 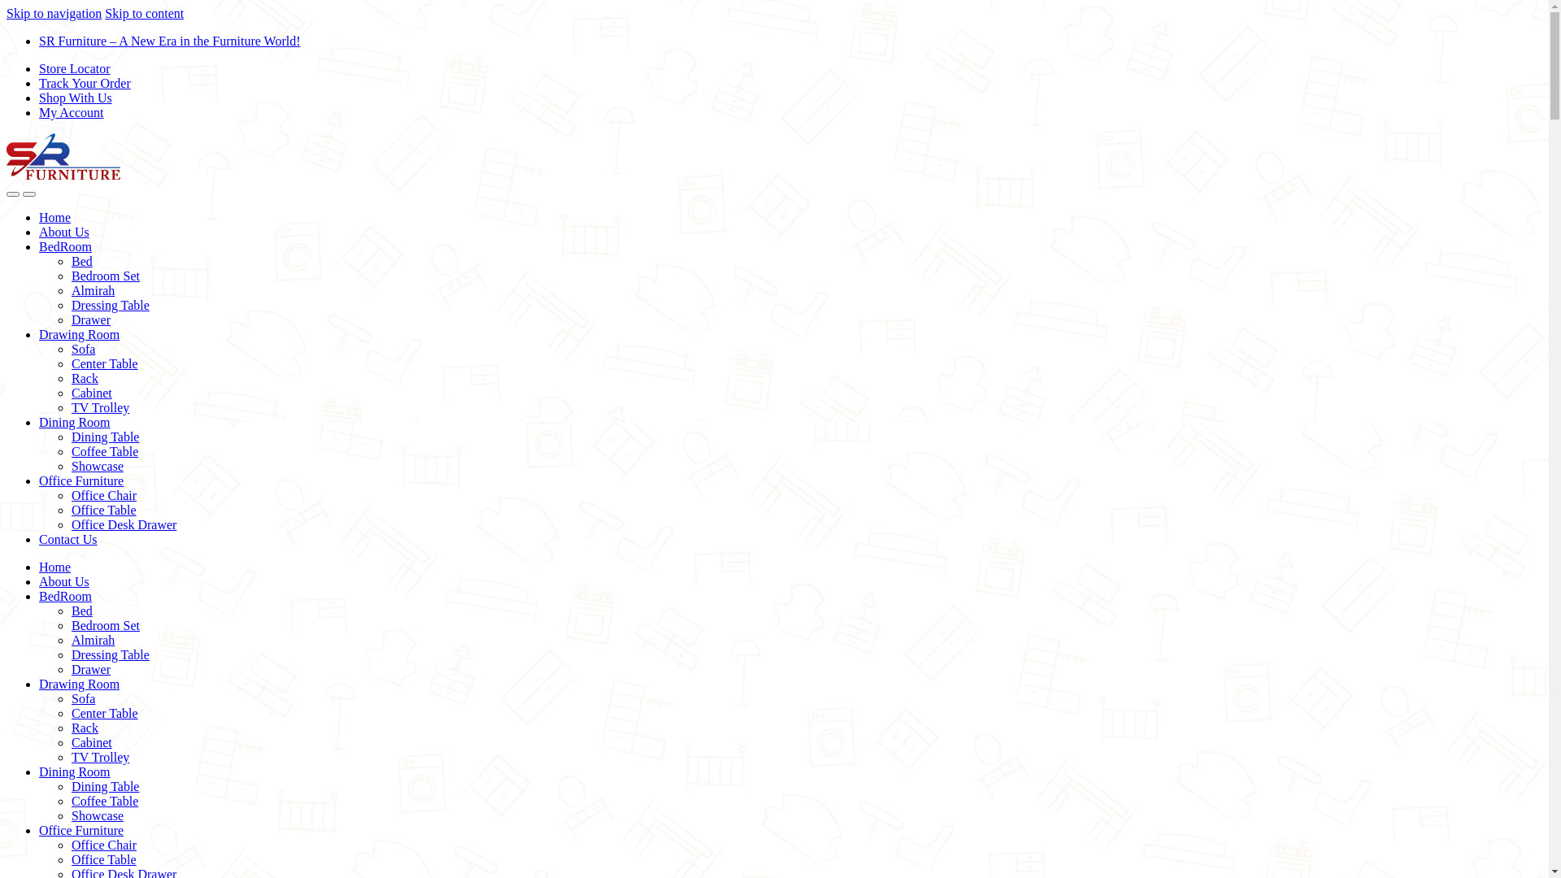 What do you see at coordinates (104, 436) in the screenshot?
I see `'Dining Table'` at bounding box center [104, 436].